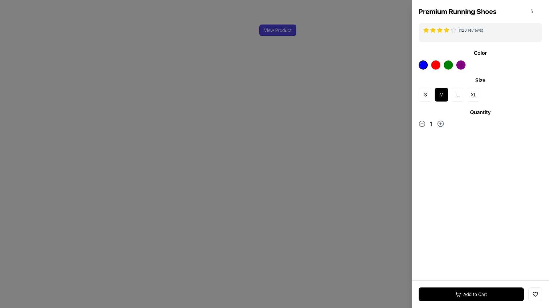 The width and height of the screenshot is (549, 308). Describe the element at coordinates (439, 30) in the screenshot. I see `the fourth yellow star icon in the star rating system located in the top-right section of the interface for specific interactions` at that location.